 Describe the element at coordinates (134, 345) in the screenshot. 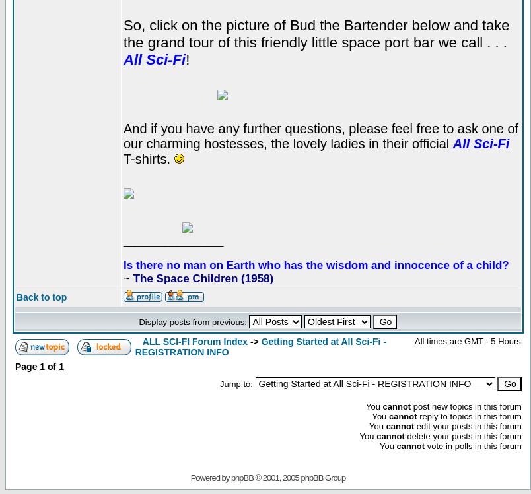

I see `'Getting Started at All Sci-Fi - REGISTRATION INFO'` at that location.